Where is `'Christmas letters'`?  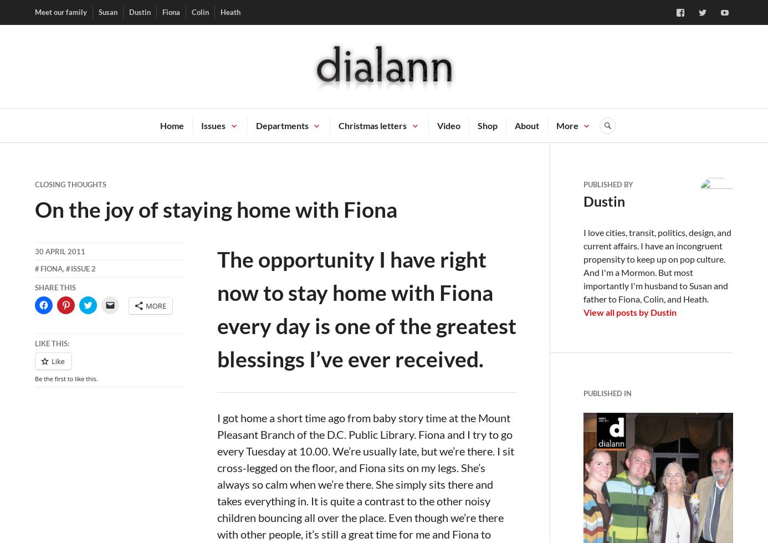 'Christmas letters' is located at coordinates (372, 125).